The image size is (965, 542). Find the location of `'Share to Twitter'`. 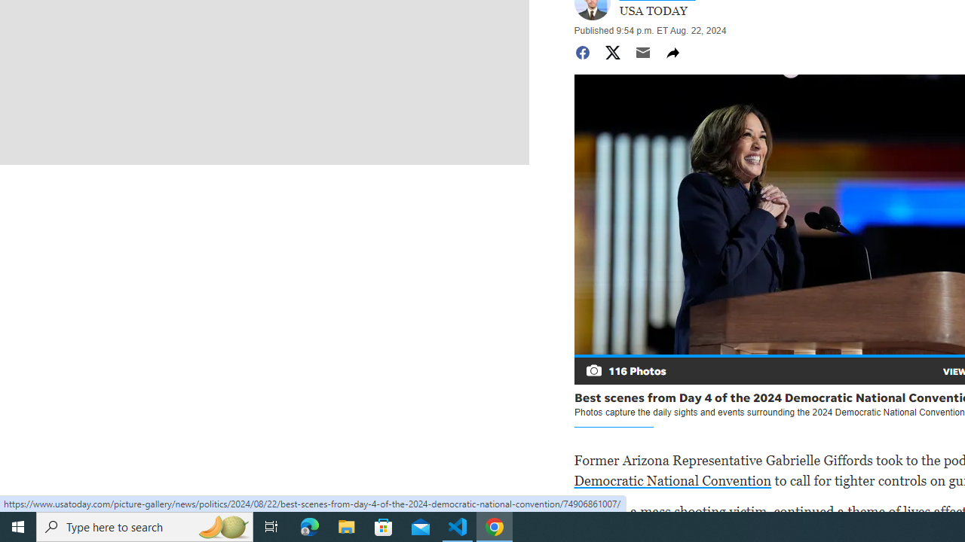

'Share to Twitter' is located at coordinates (612, 51).